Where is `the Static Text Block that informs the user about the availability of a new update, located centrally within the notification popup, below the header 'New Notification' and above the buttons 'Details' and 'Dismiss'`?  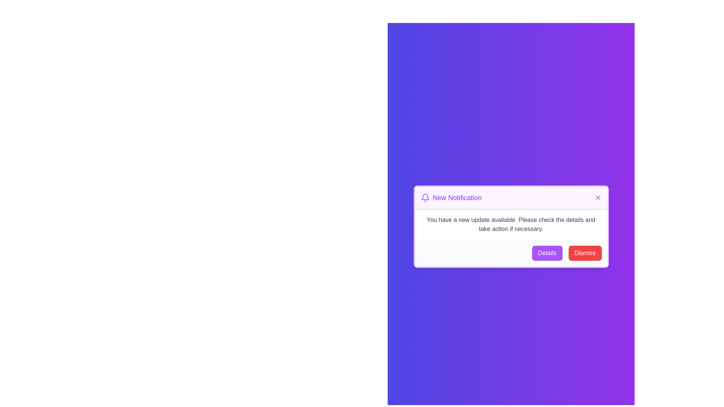
the Static Text Block that informs the user about the availability of a new update, located centrally within the notification popup, below the header 'New Notification' and above the buttons 'Details' and 'Dismiss' is located at coordinates (511, 224).